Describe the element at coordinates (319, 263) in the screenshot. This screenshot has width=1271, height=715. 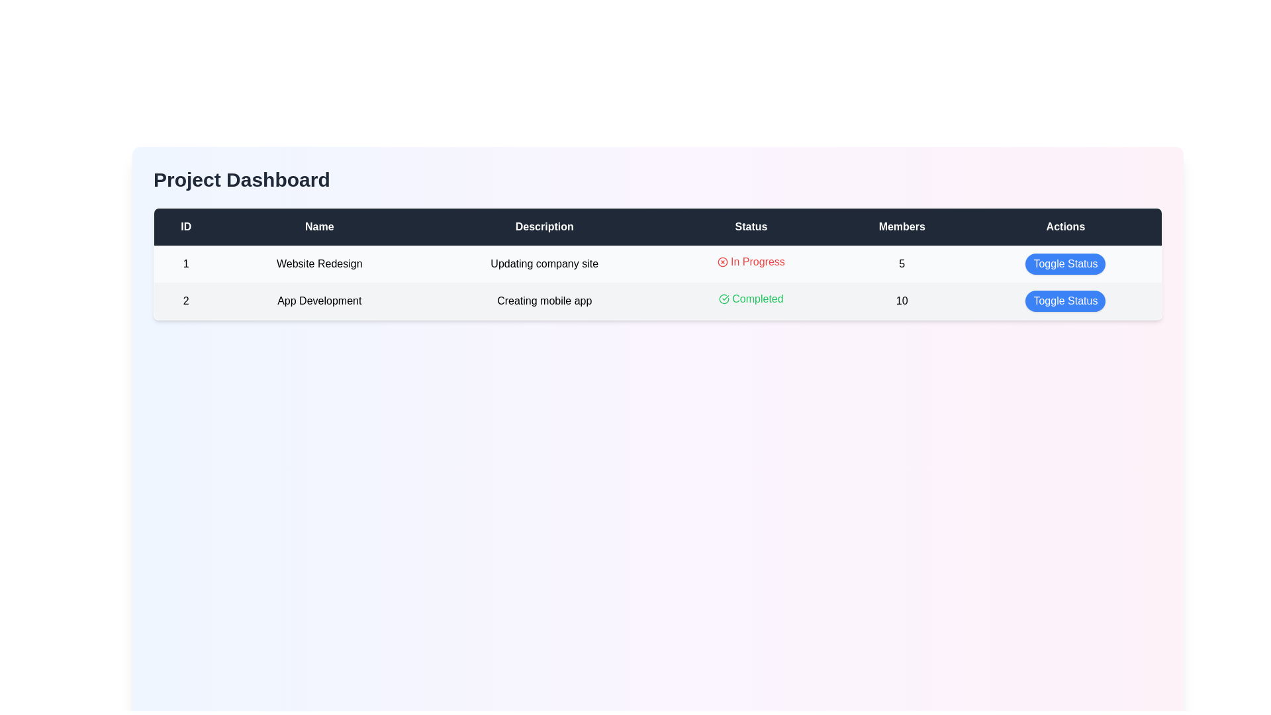
I see `the text label displaying 'Website Redesign' within the 'Name' column of the first data row in the table` at that location.